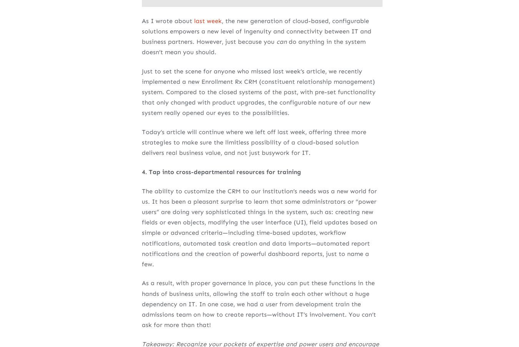  What do you see at coordinates (207, 20) in the screenshot?
I see `'last week'` at bounding box center [207, 20].